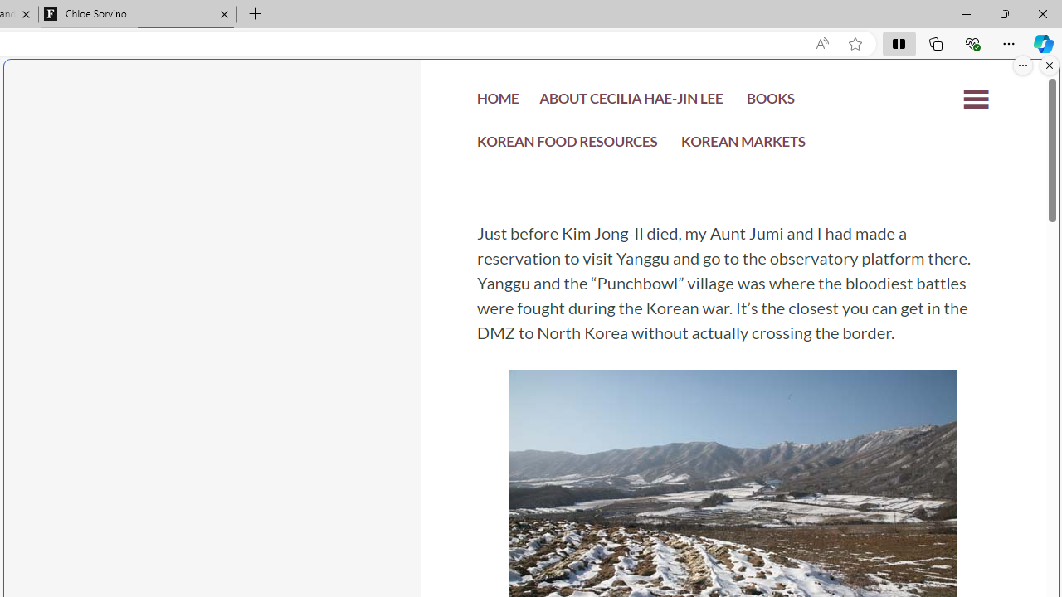  What do you see at coordinates (743, 145) in the screenshot?
I see `'KOREAN MARKETS'` at bounding box center [743, 145].